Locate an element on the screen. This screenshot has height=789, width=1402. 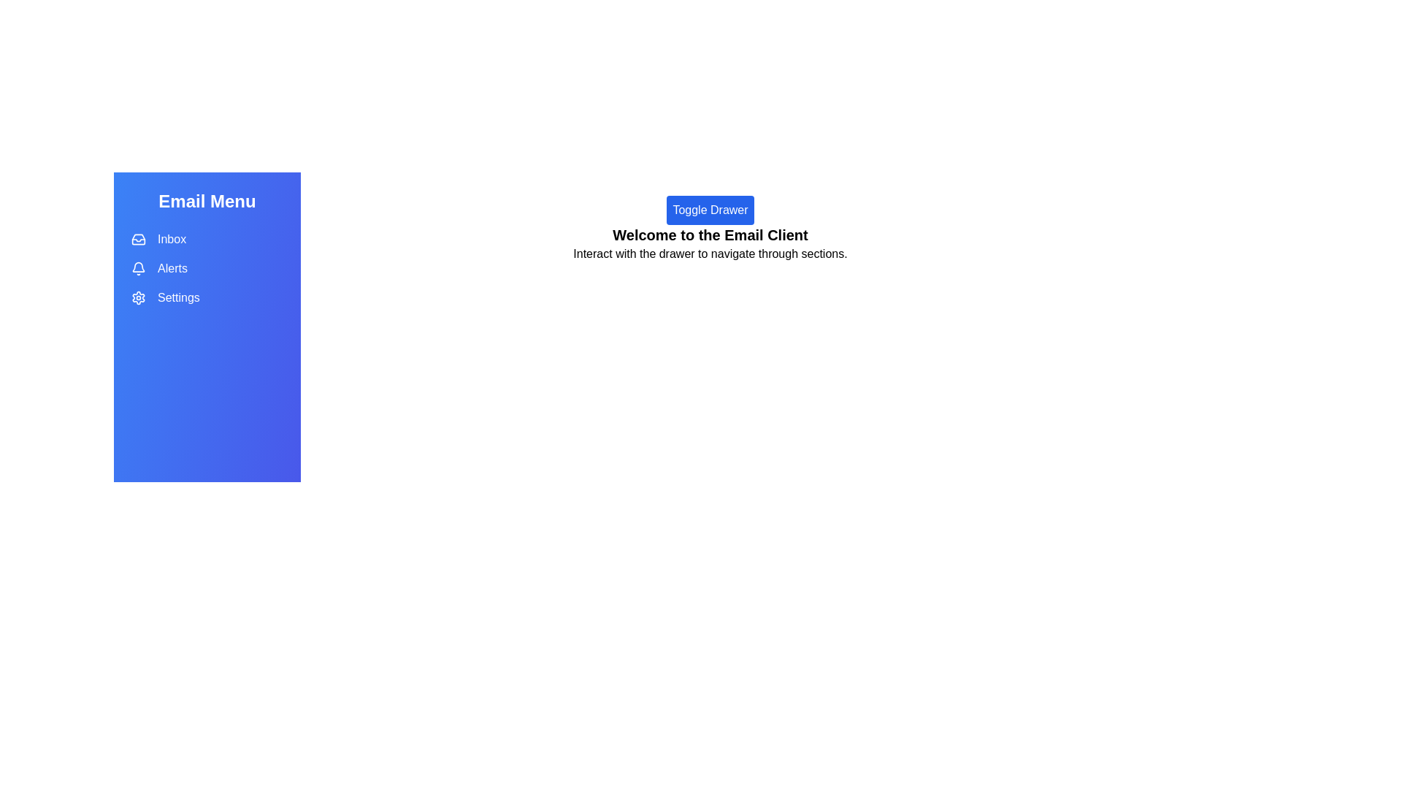
'Toggle Drawer' button to toggle the visibility of the drawer is located at coordinates (710, 210).